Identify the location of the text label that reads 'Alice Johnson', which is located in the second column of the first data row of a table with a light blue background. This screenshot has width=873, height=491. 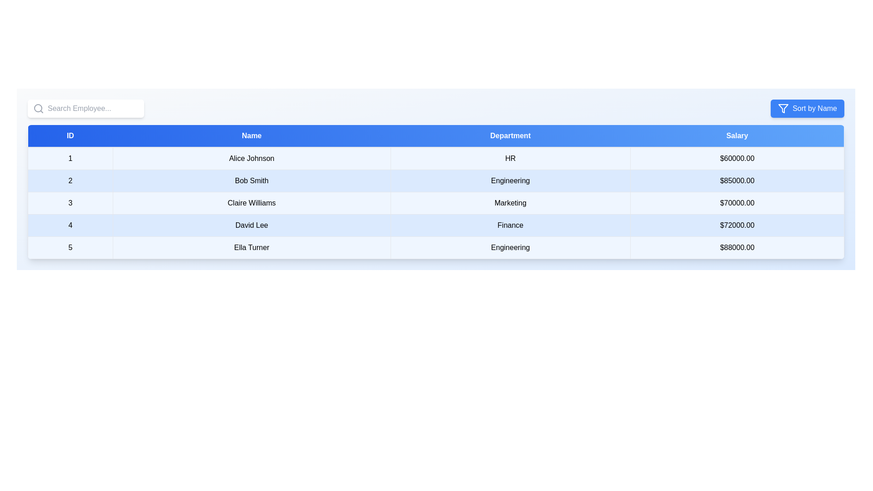
(251, 158).